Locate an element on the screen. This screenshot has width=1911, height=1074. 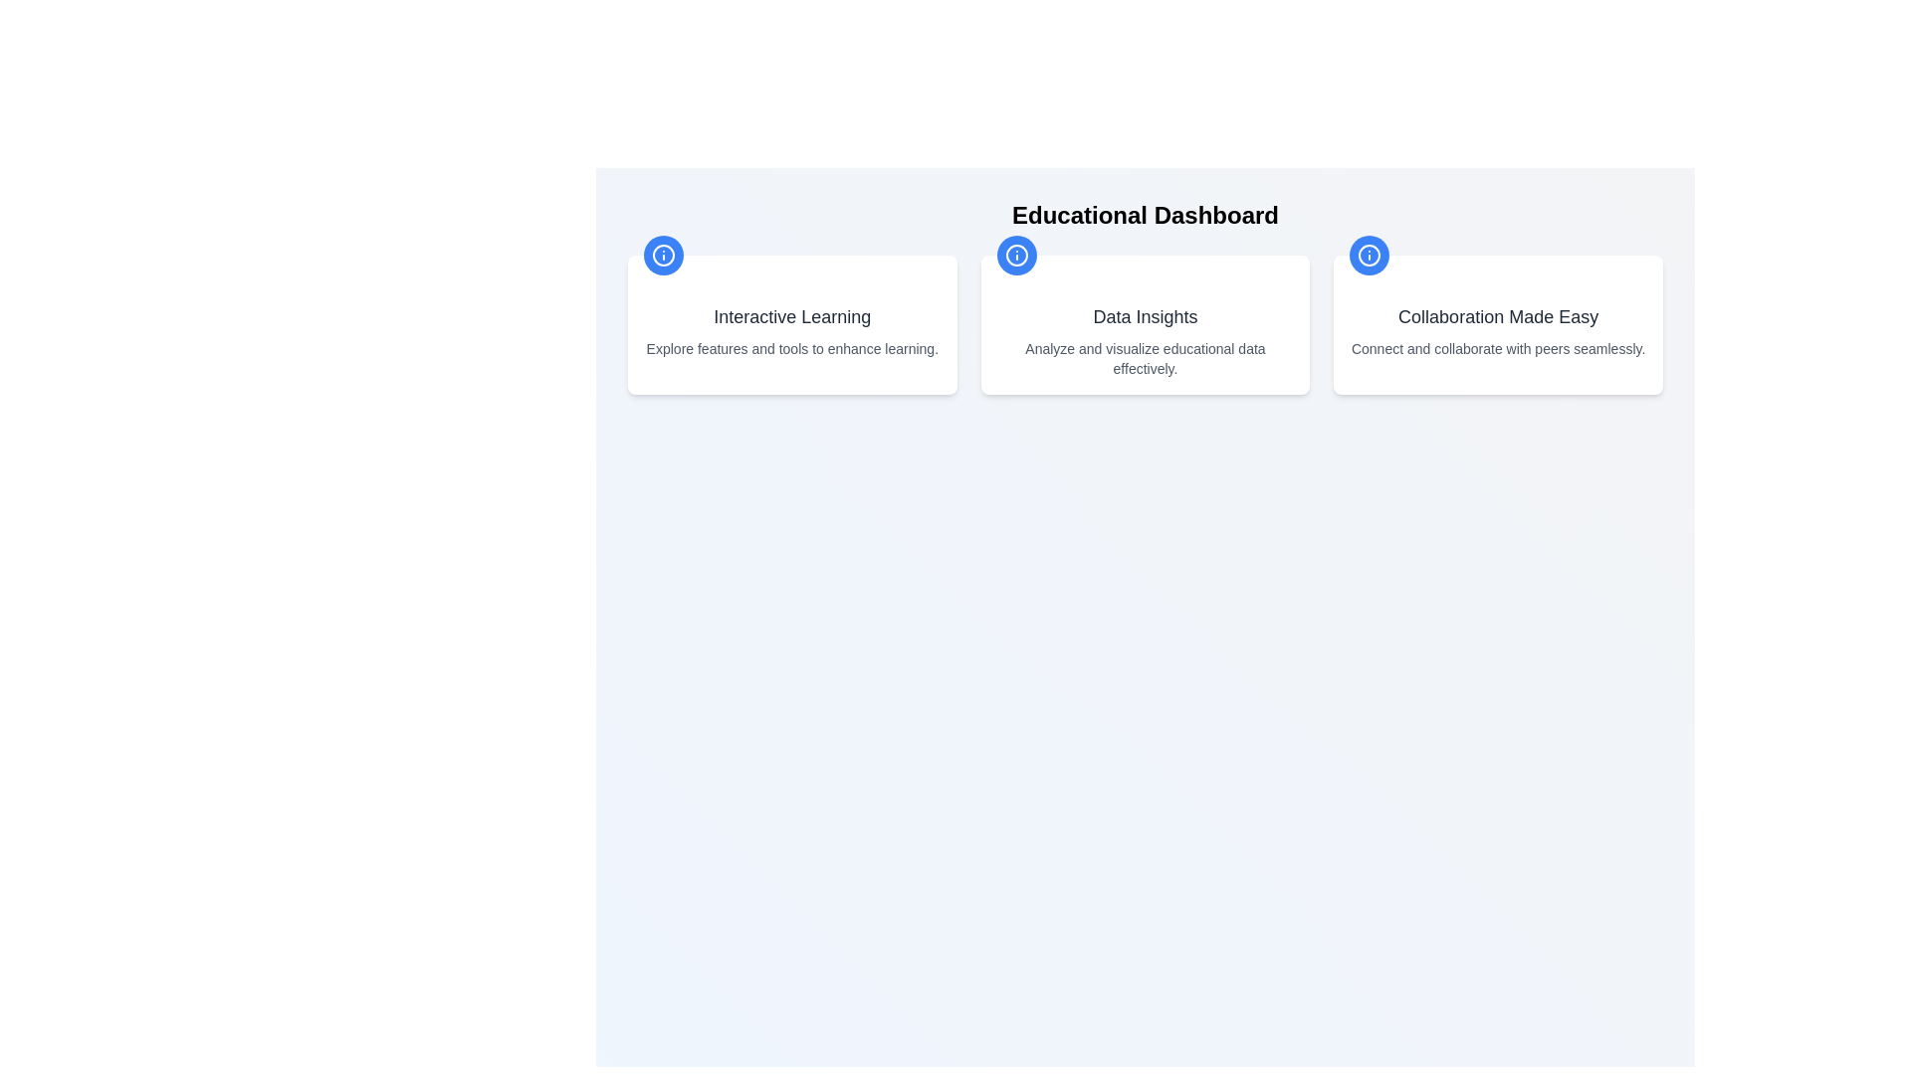
the informational icon located at the top-left corner of the 'Collaboration Made Easy' card is located at coordinates (1369, 255).